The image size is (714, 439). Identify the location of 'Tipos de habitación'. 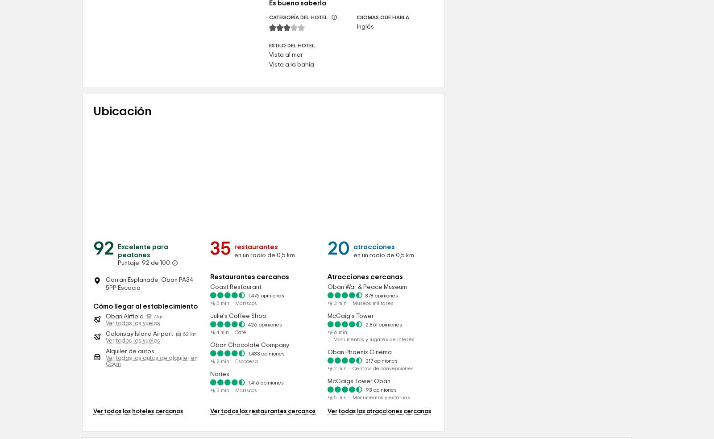
(302, 24).